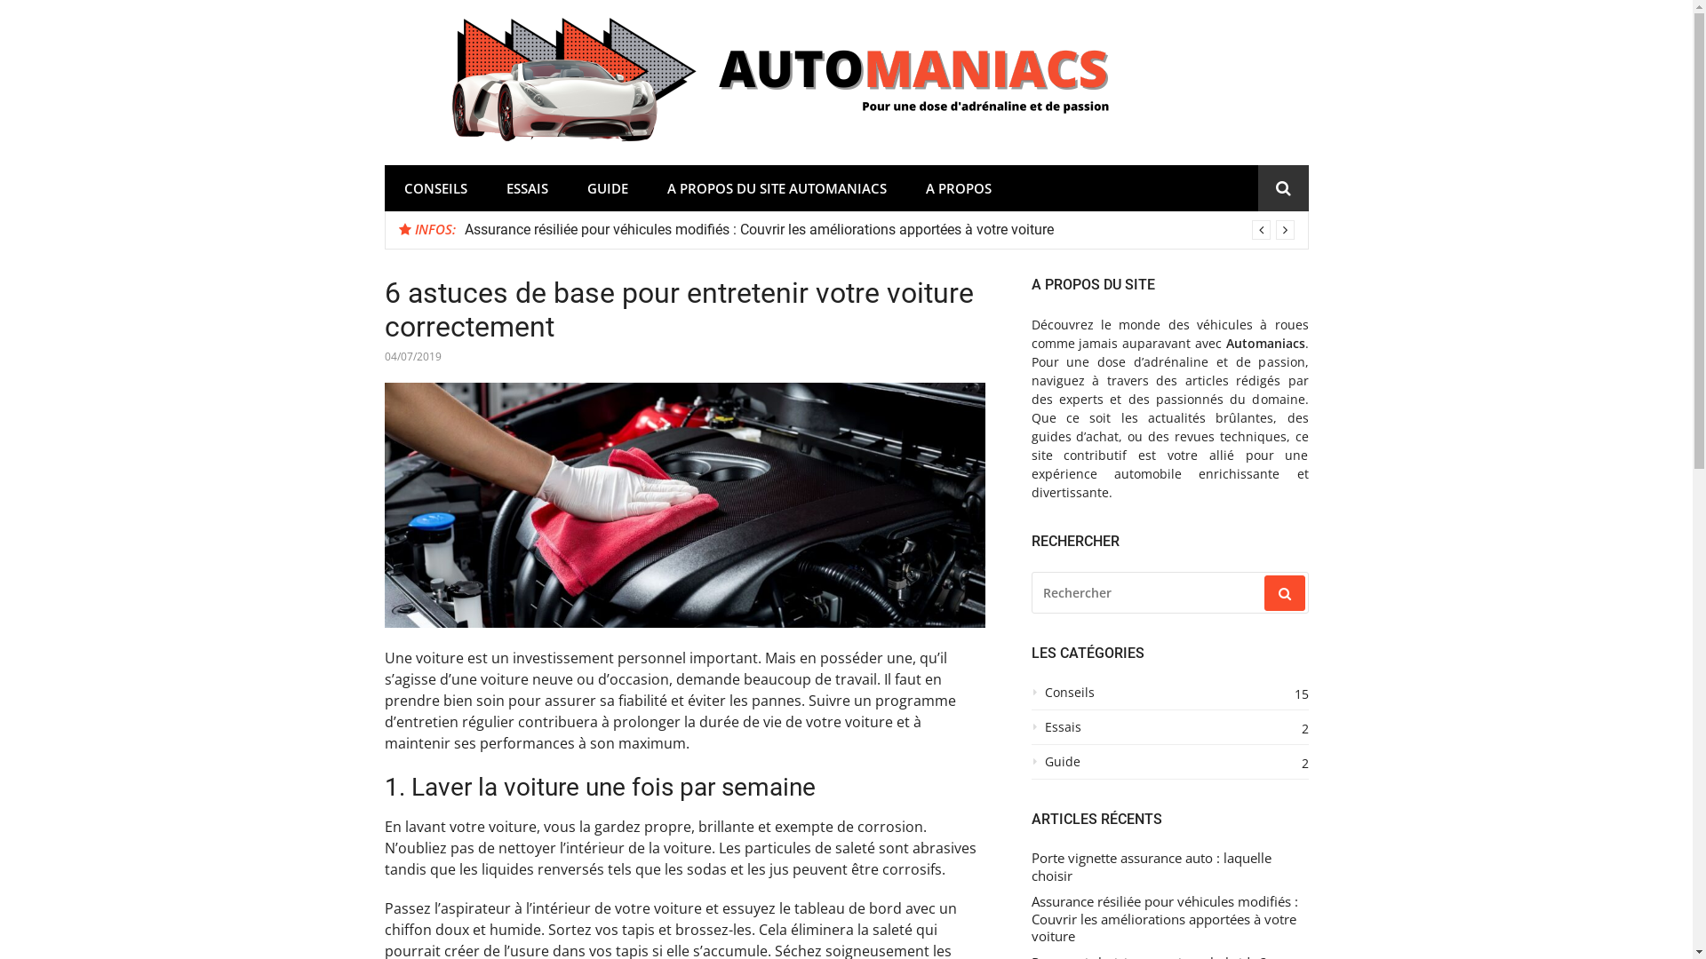  I want to click on 'Guide', so click(1031, 765).